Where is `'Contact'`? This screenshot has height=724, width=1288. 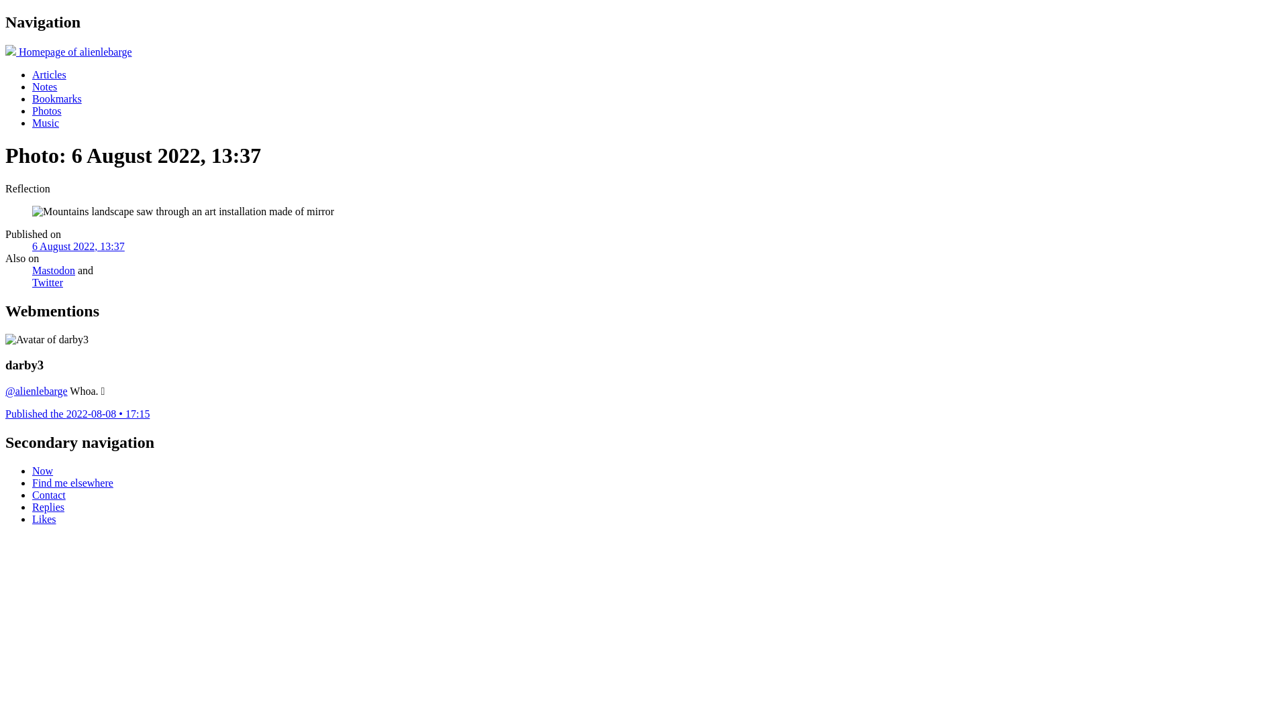 'Contact' is located at coordinates (48, 495).